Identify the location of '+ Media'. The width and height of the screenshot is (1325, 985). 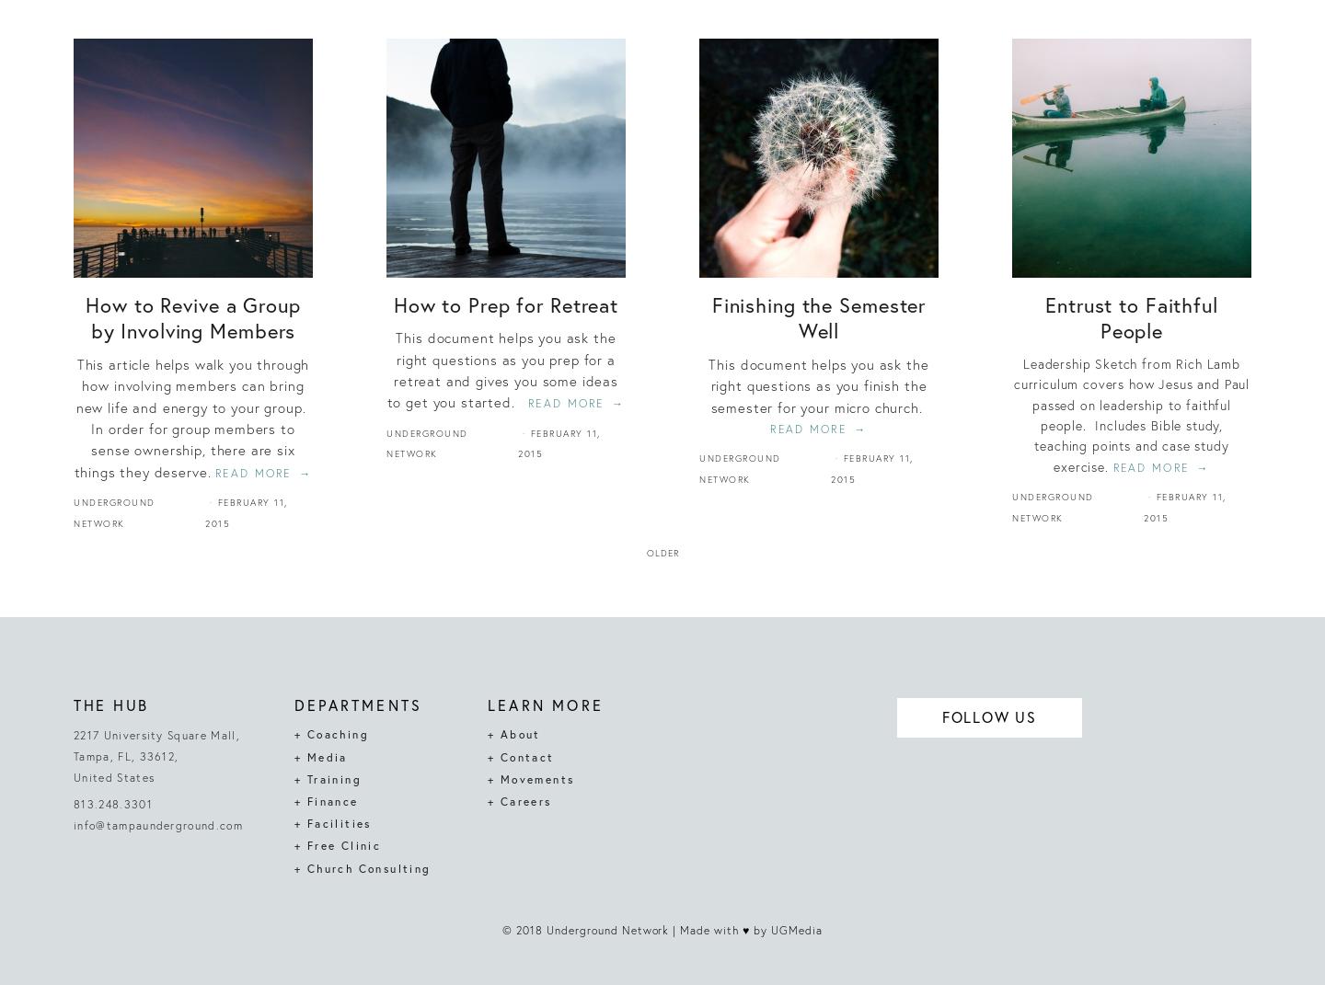
(320, 755).